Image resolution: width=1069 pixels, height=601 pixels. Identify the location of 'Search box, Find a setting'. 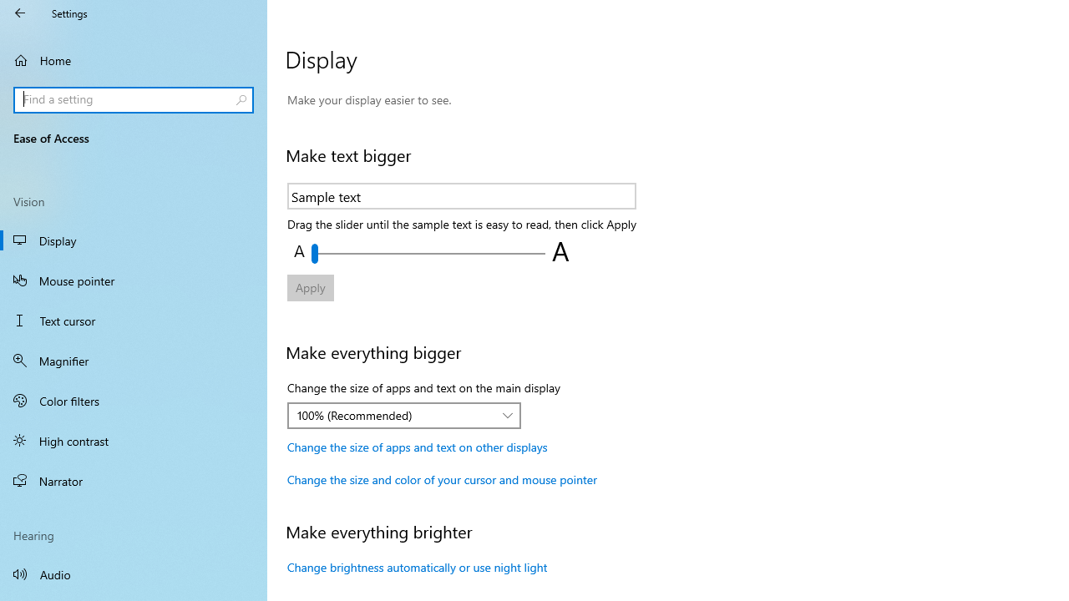
(134, 99).